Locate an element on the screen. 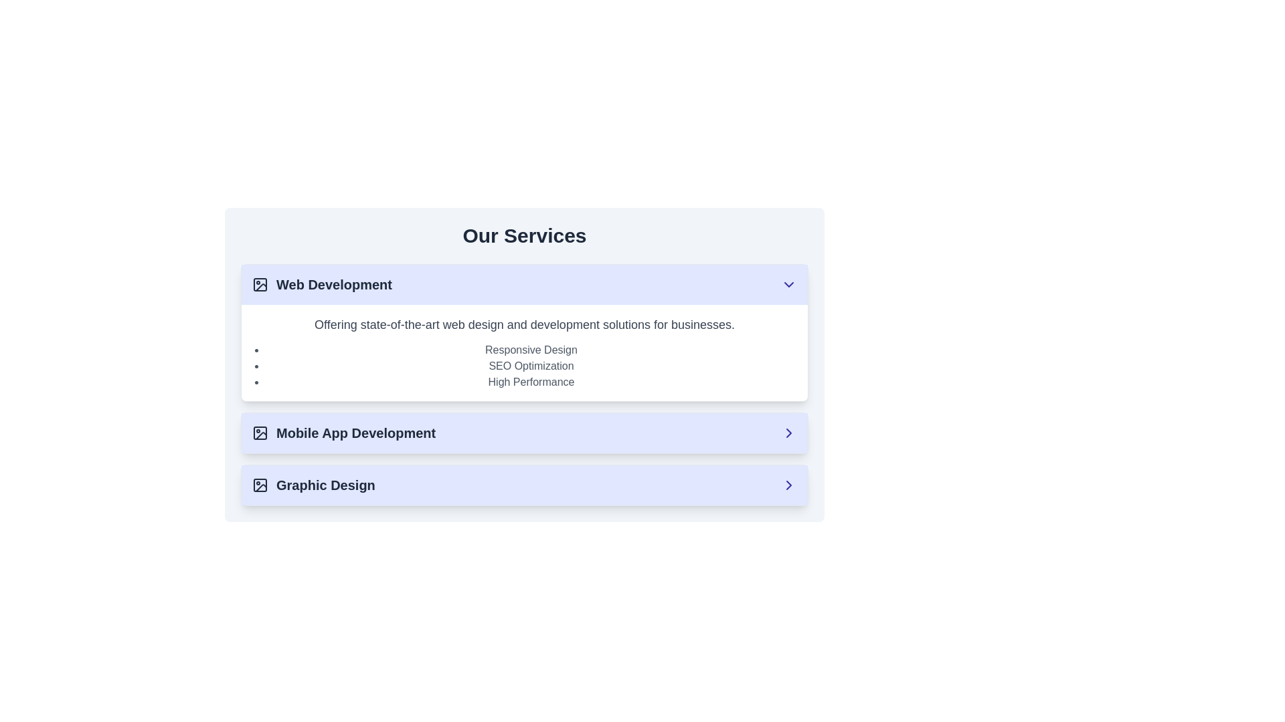 This screenshot has height=722, width=1285. the 'Our Services' text label is located at coordinates (523, 235).